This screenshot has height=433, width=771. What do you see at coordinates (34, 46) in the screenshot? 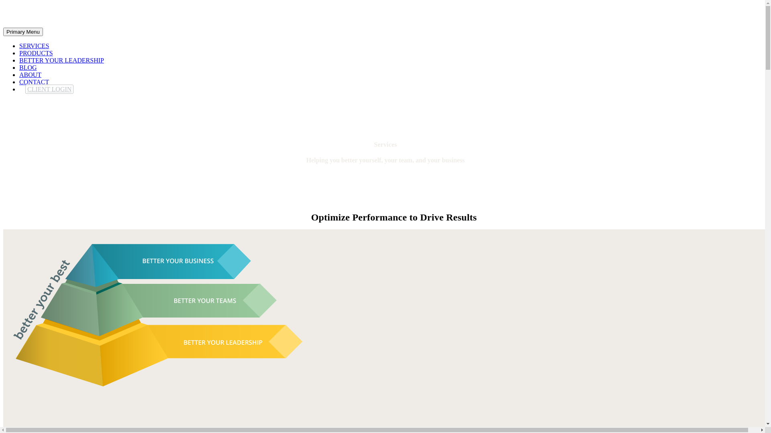
I see `'SERVICES'` at bounding box center [34, 46].